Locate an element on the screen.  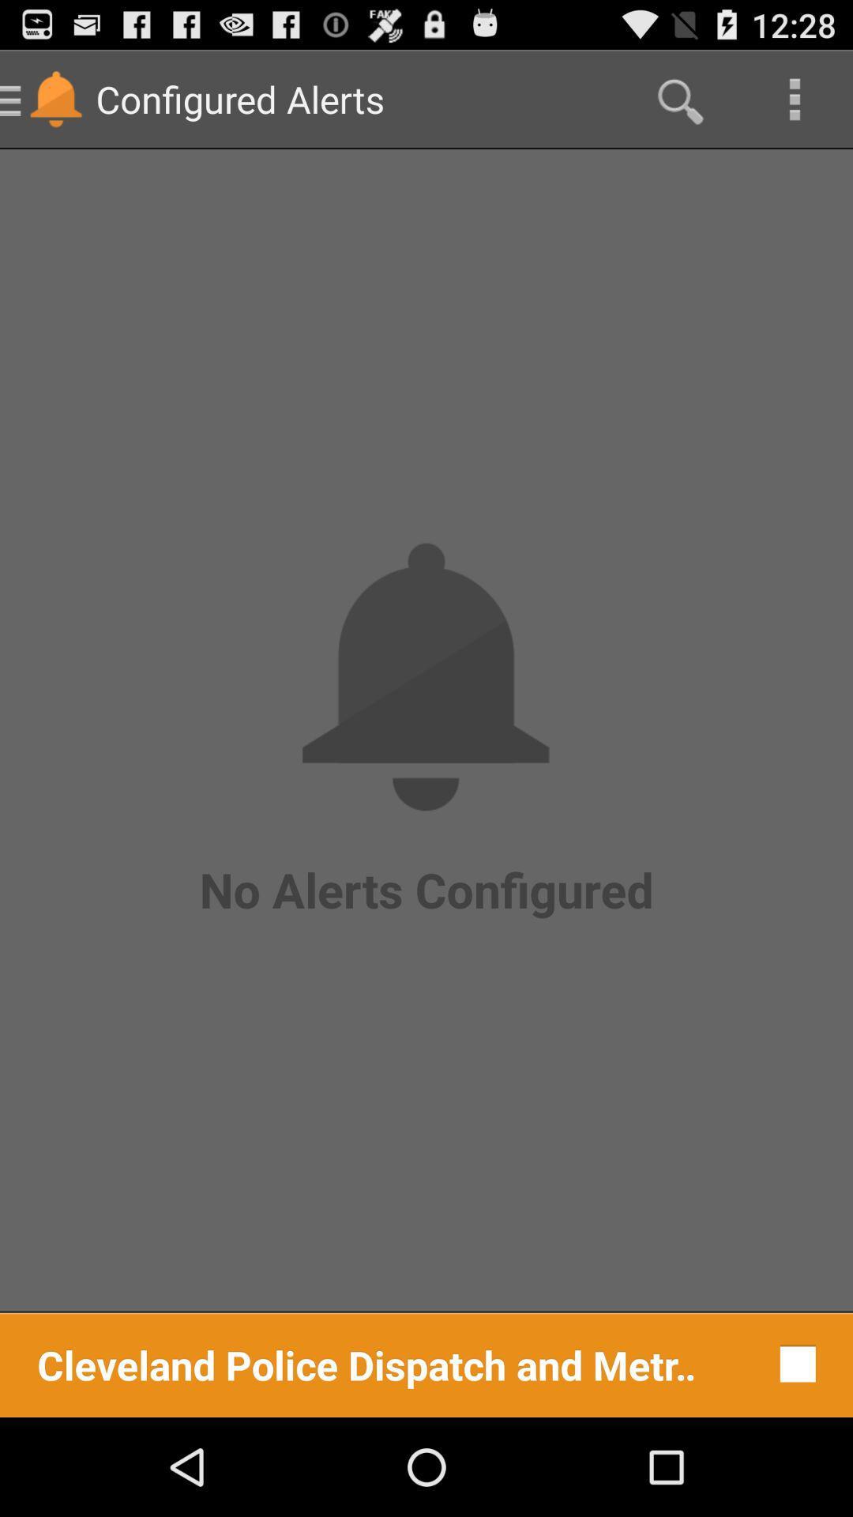
the cleveland police dispatch button is located at coordinates (367, 1363).